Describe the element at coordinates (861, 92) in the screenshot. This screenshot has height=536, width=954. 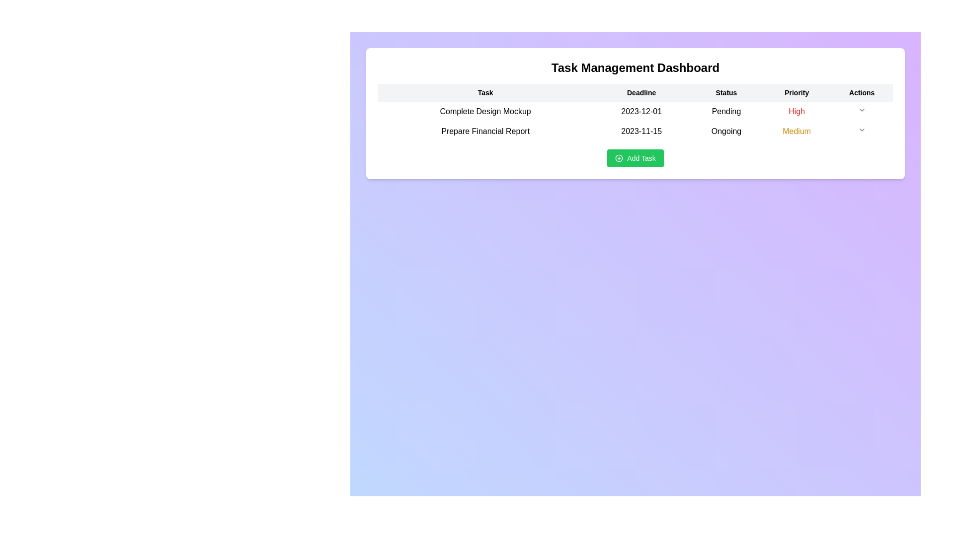
I see `the 'Actions' column header label in the table, which is the rightmost header located immediately to the right of the 'Priority' column` at that location.